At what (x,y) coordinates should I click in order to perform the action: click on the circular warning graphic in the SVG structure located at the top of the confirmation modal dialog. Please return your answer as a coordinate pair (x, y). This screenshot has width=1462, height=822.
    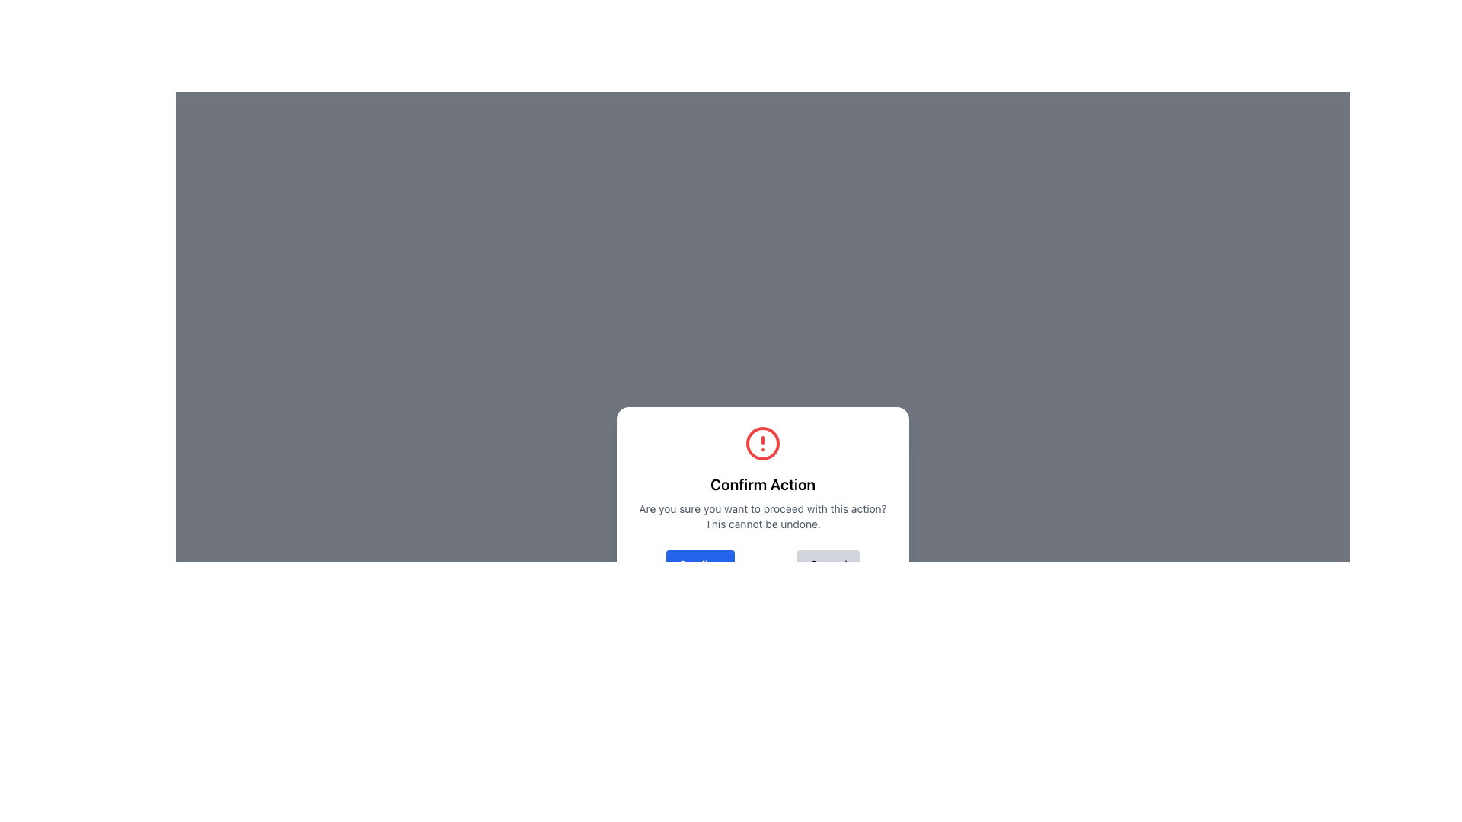
    Looking at the image, I should click on (763, 443).